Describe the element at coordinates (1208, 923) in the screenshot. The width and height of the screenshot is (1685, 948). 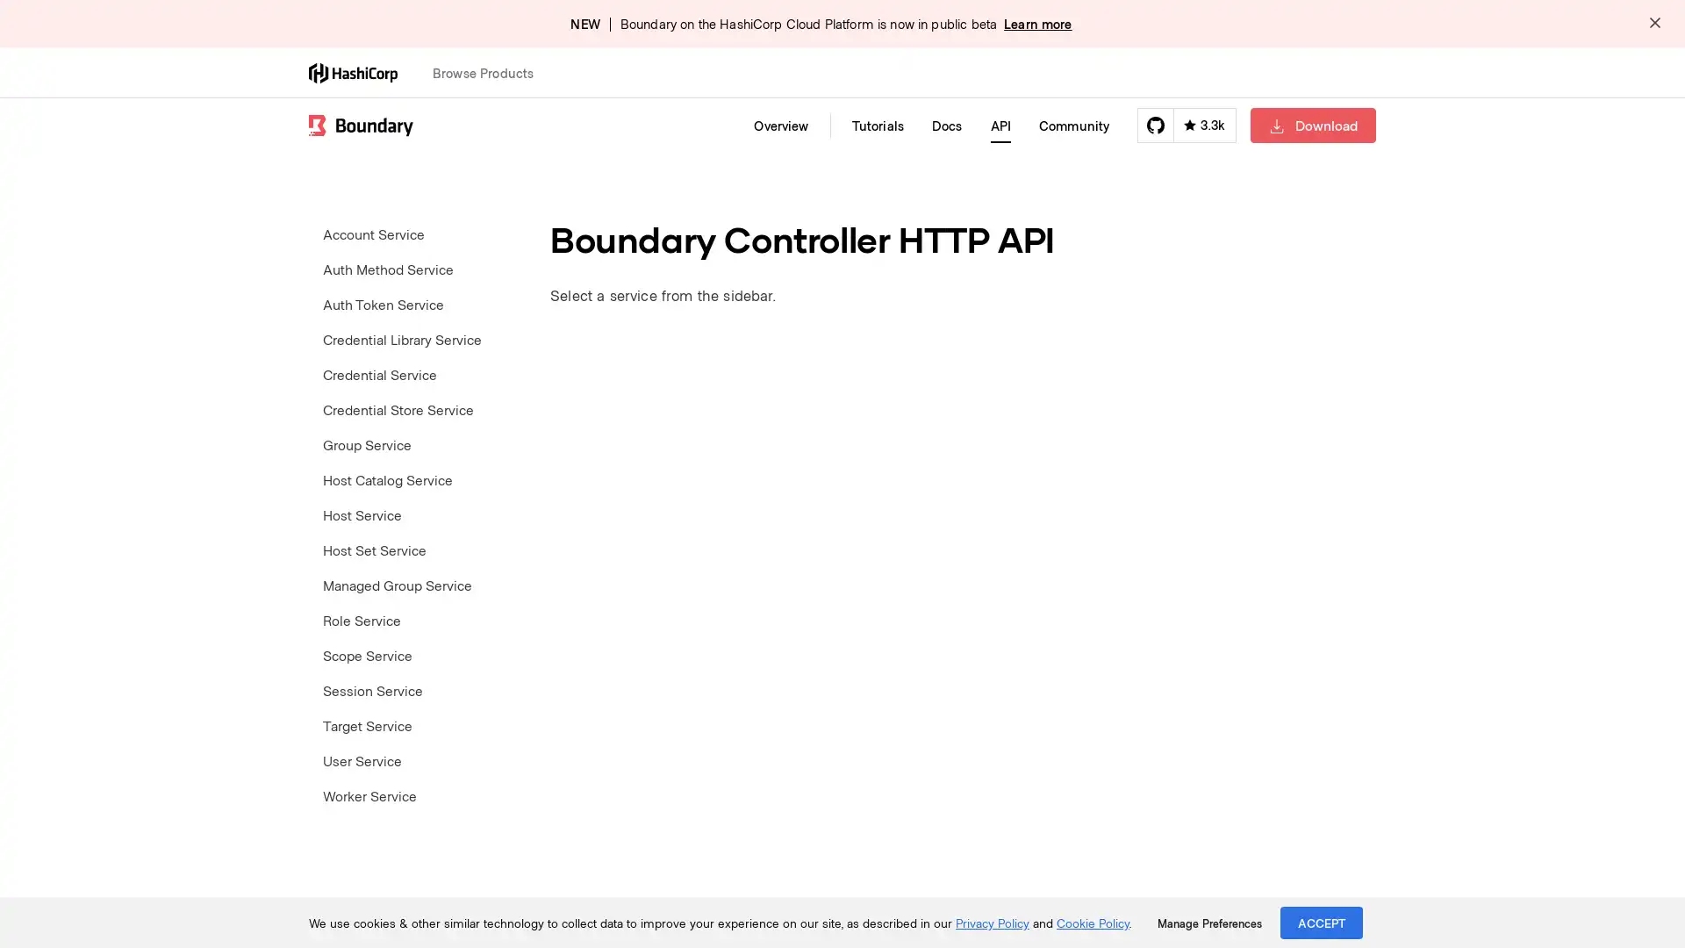
I see `Manage Preferences` at that location.